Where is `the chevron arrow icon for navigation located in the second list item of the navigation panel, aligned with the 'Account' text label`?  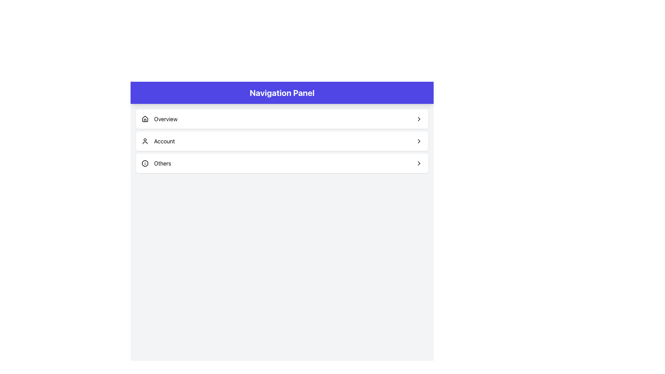 the chevron arrow icon for navigation located in the second list item of the navigation panel, aligned with the 'Account' text label is located at coordinates (418, 141).